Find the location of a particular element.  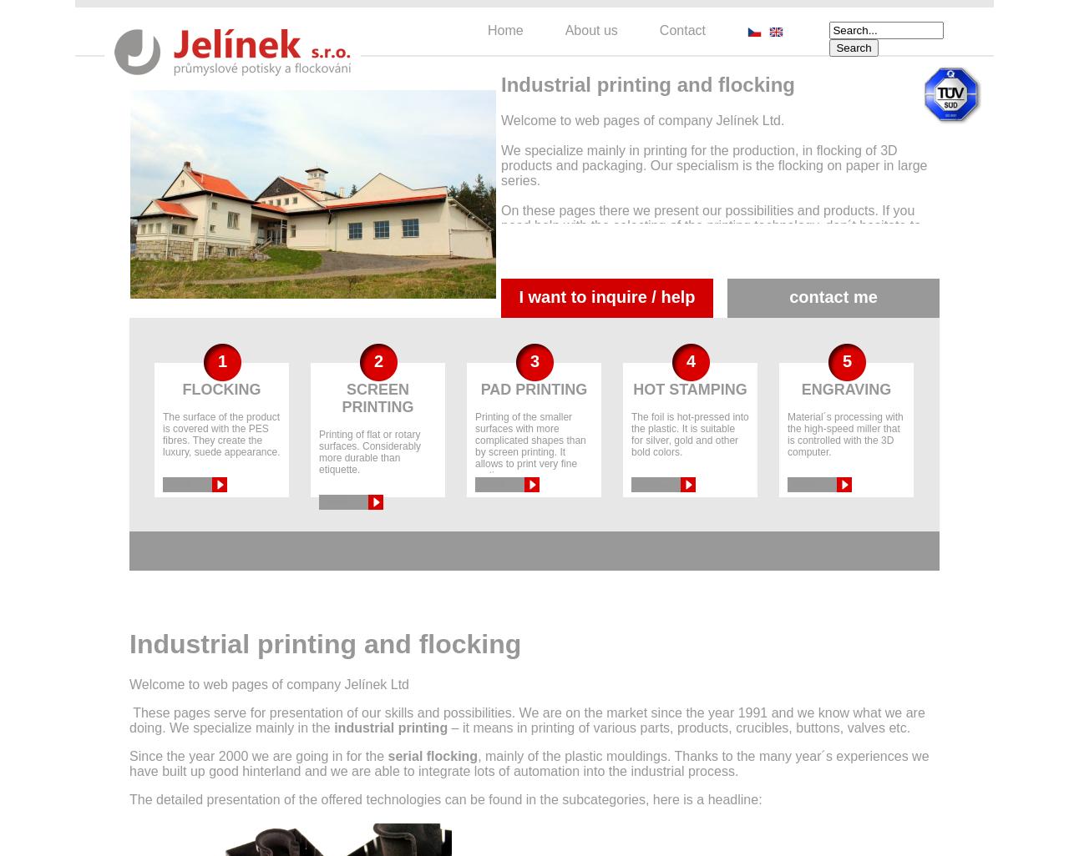

'serial flocking' is located at coordinates (433, 755).